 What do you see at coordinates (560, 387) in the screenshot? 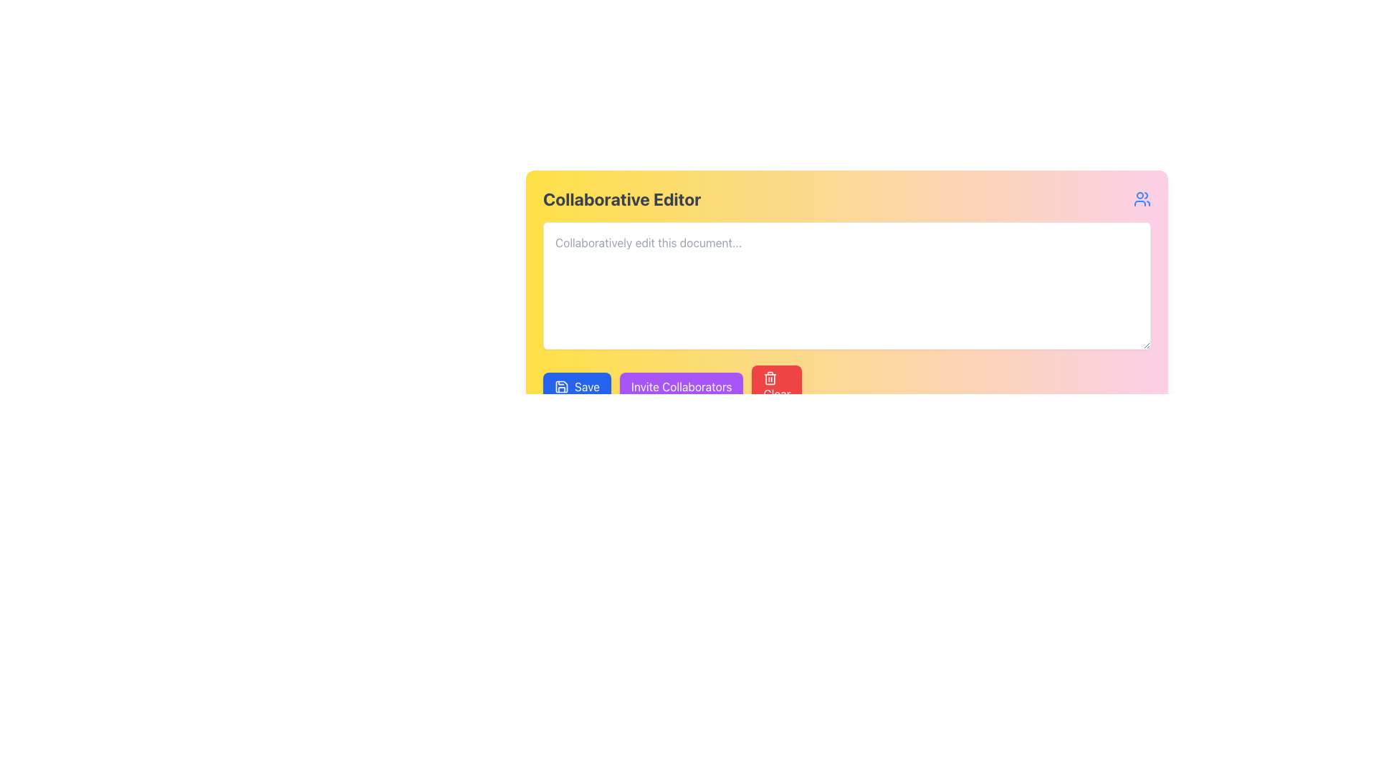
I see `the 'Save' icon located within the blue rectangle button near the bottom left corner of the collaborative editor` at bounding box center [560, 387].